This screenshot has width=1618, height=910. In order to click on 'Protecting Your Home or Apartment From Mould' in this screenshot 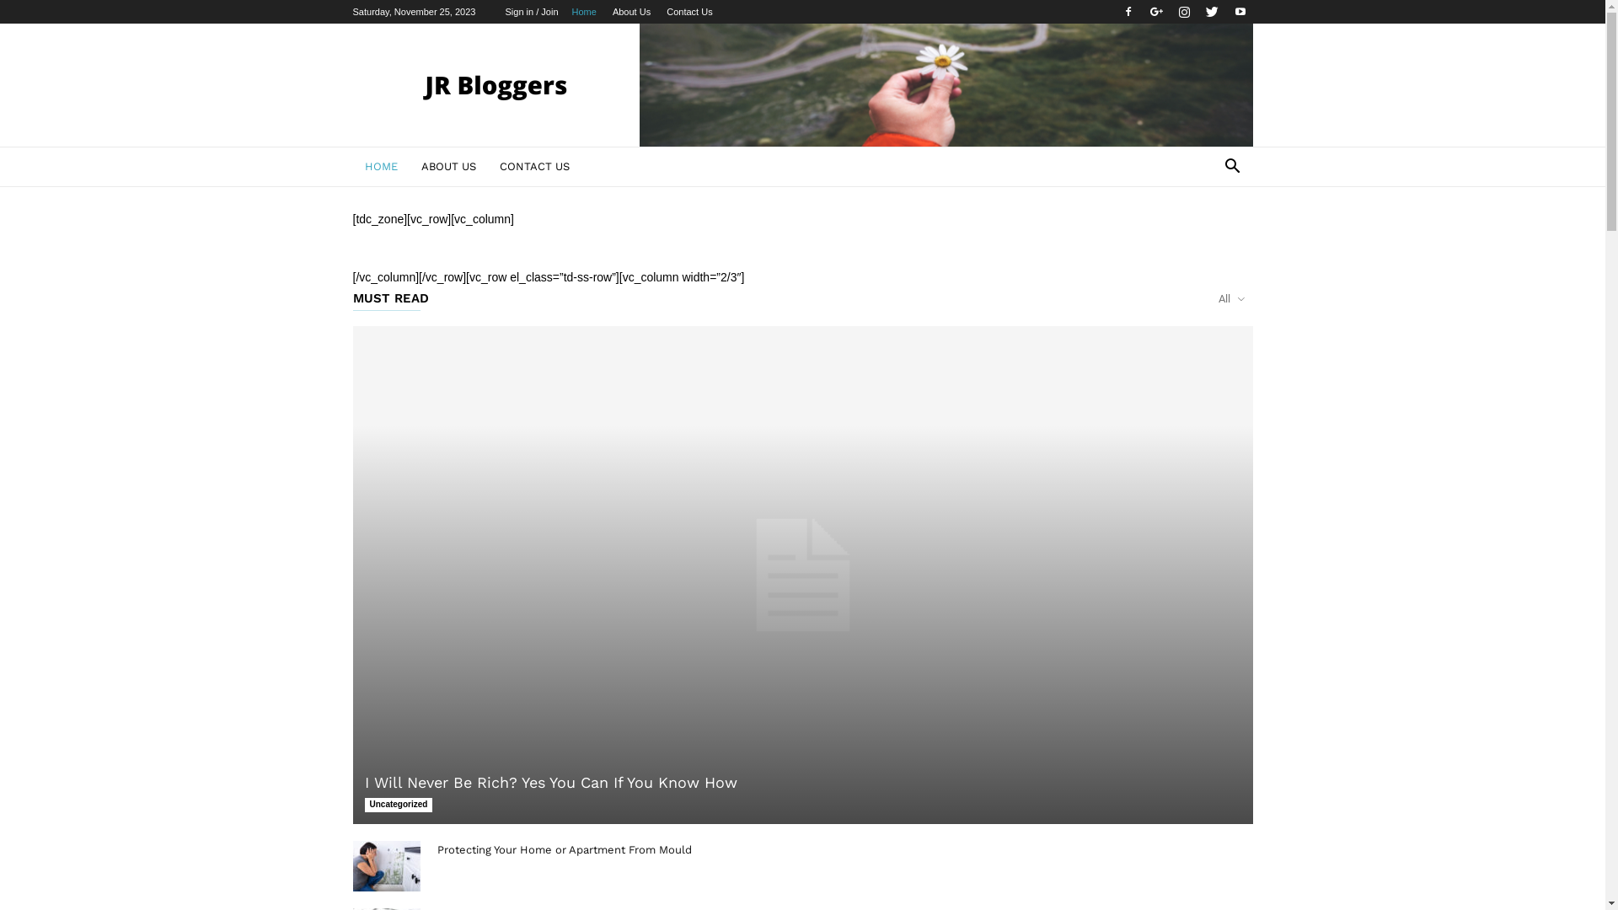, I will do `click(384, 866)`.